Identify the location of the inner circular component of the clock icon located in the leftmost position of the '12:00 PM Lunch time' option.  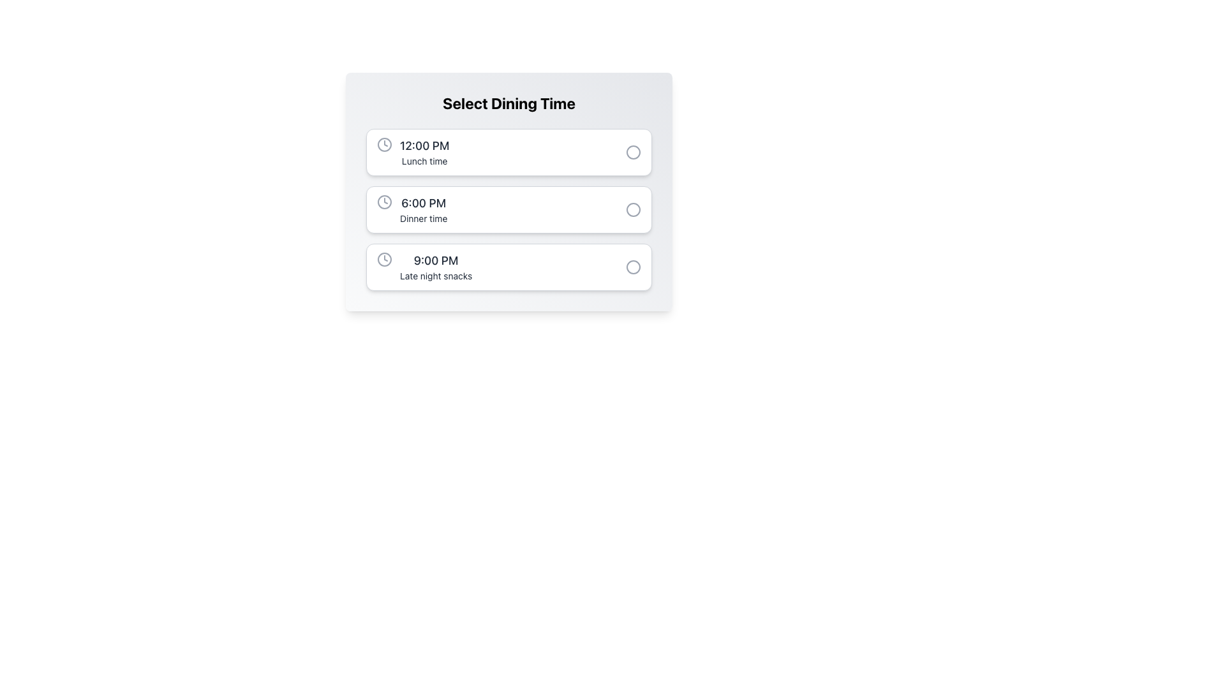
(384, 144).